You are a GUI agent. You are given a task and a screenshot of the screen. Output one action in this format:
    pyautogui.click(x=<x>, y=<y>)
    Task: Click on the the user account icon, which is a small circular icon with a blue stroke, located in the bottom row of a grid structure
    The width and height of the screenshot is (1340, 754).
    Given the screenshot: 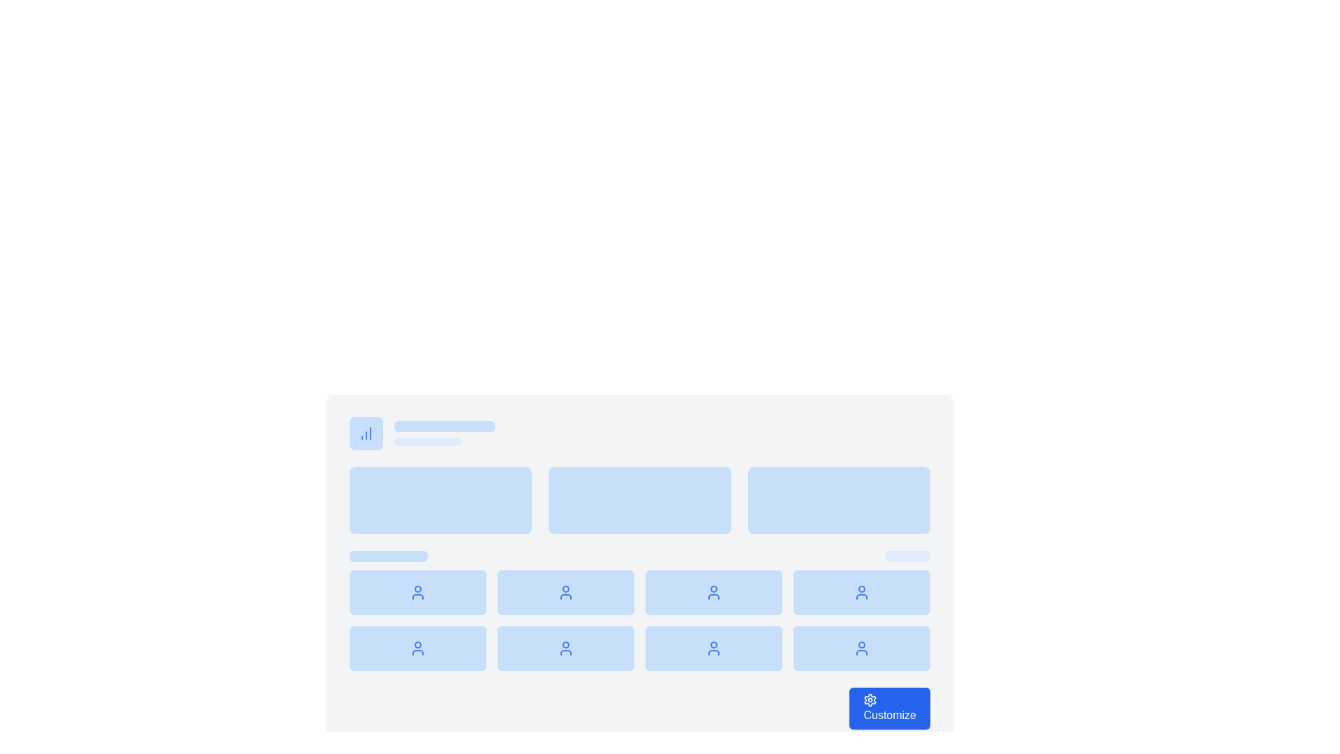 What is the action you would take?
    pyautogui.click(x=566, y=649)
    